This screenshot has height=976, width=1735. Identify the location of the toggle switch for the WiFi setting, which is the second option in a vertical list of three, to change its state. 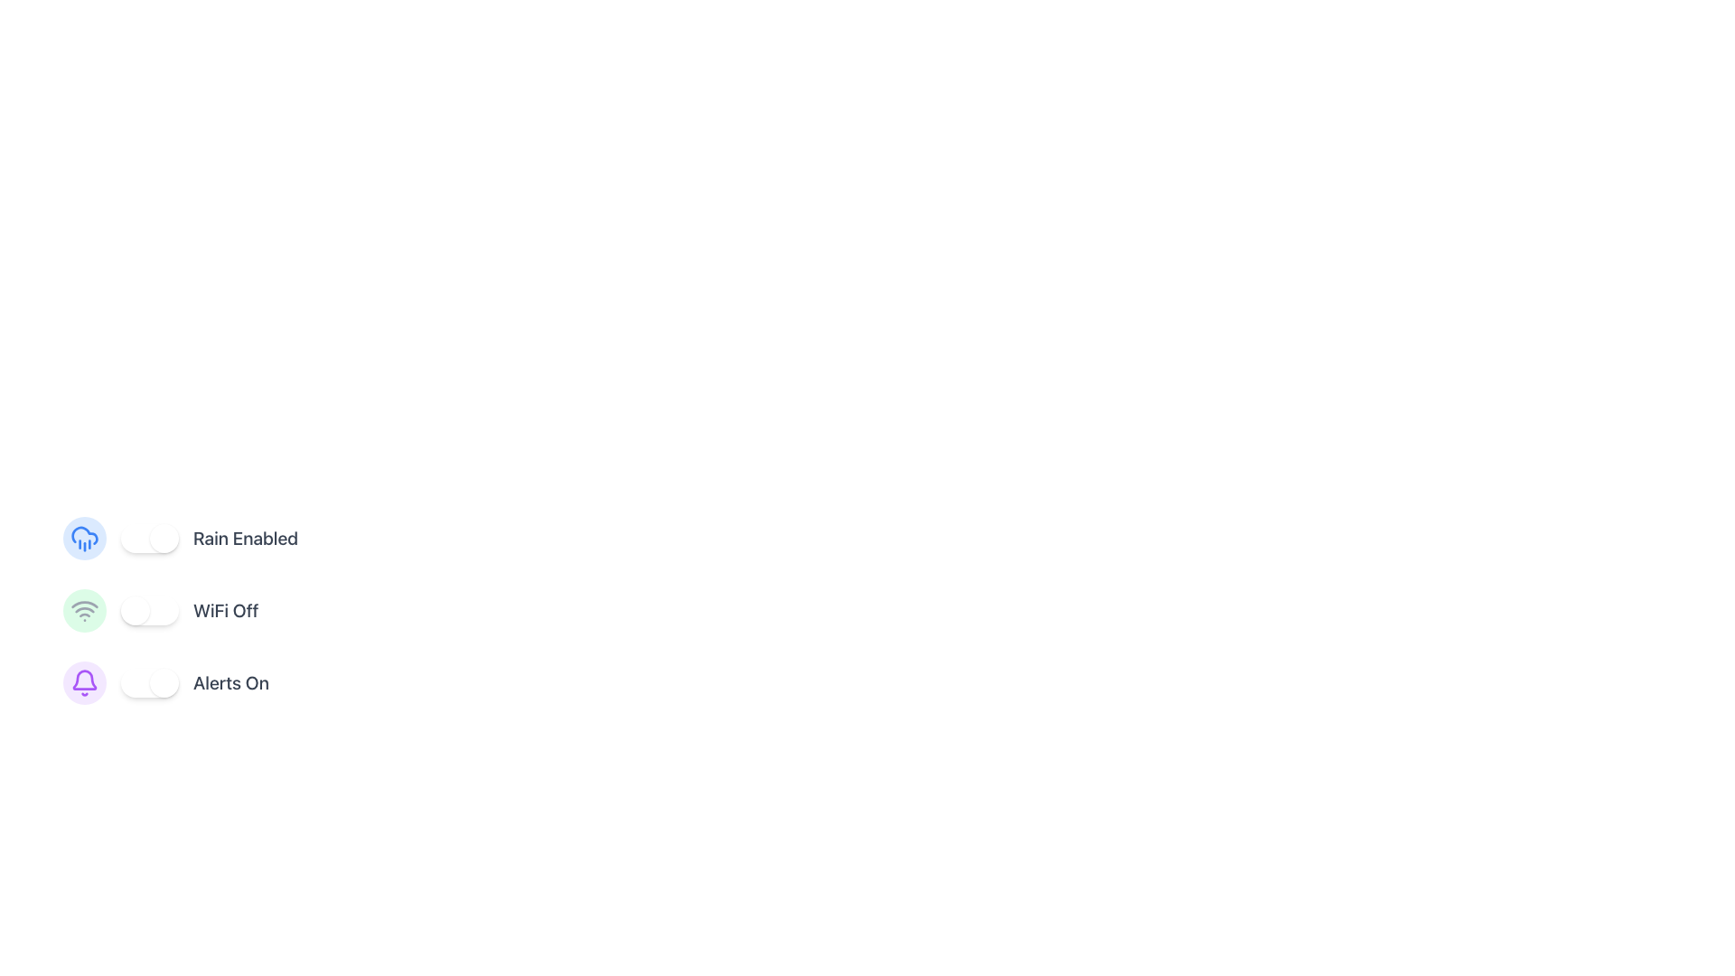
(160, 610).